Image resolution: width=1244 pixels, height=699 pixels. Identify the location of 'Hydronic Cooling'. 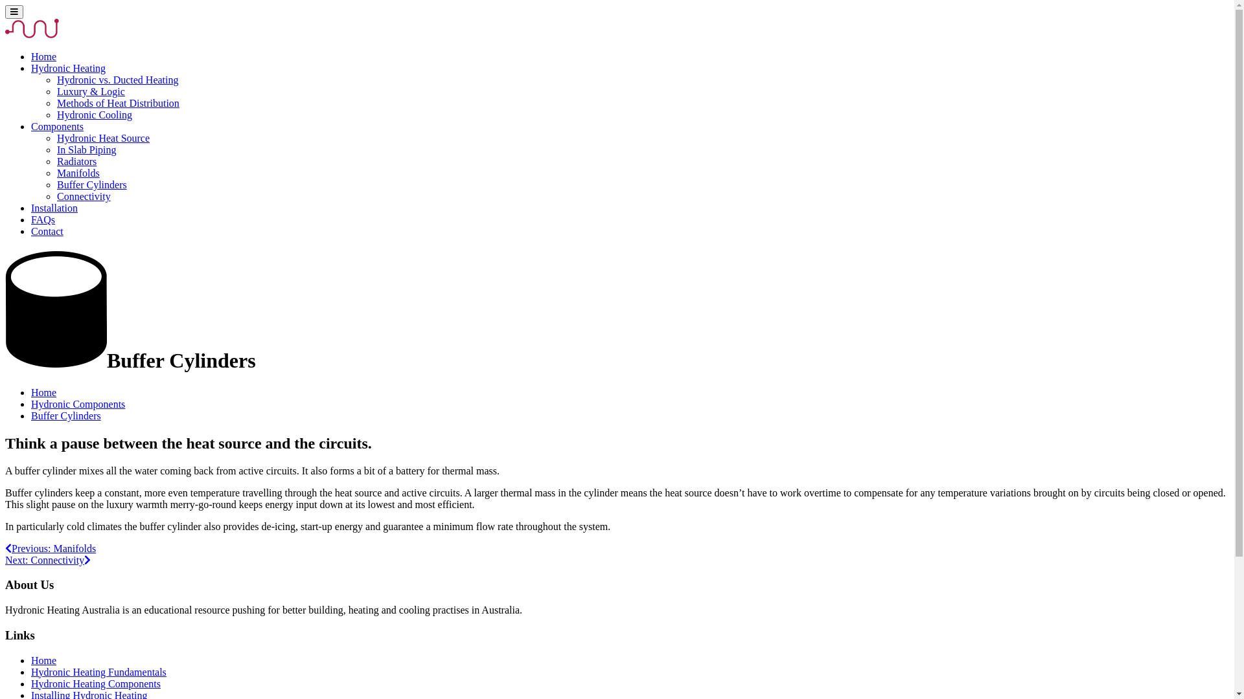
(93, 114).